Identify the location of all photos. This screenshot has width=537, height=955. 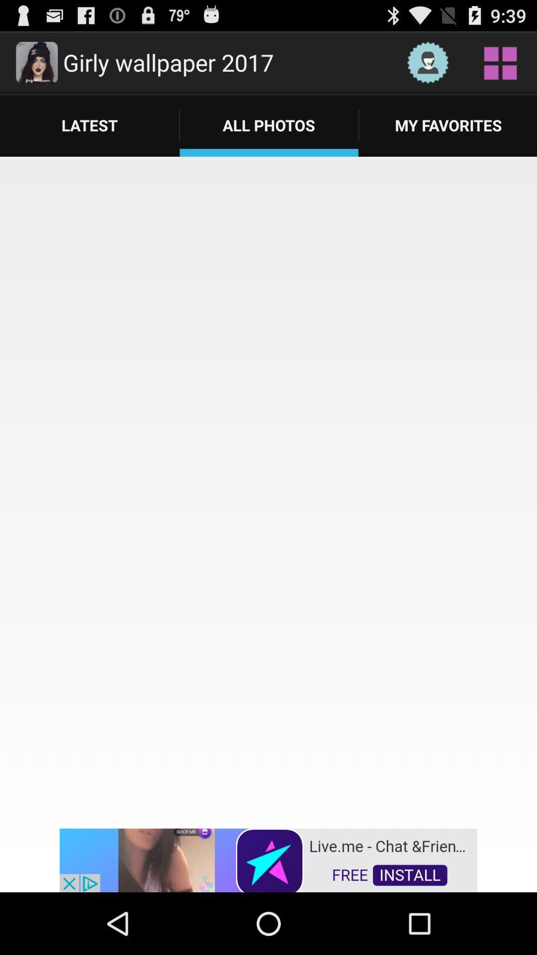
(268, 491).